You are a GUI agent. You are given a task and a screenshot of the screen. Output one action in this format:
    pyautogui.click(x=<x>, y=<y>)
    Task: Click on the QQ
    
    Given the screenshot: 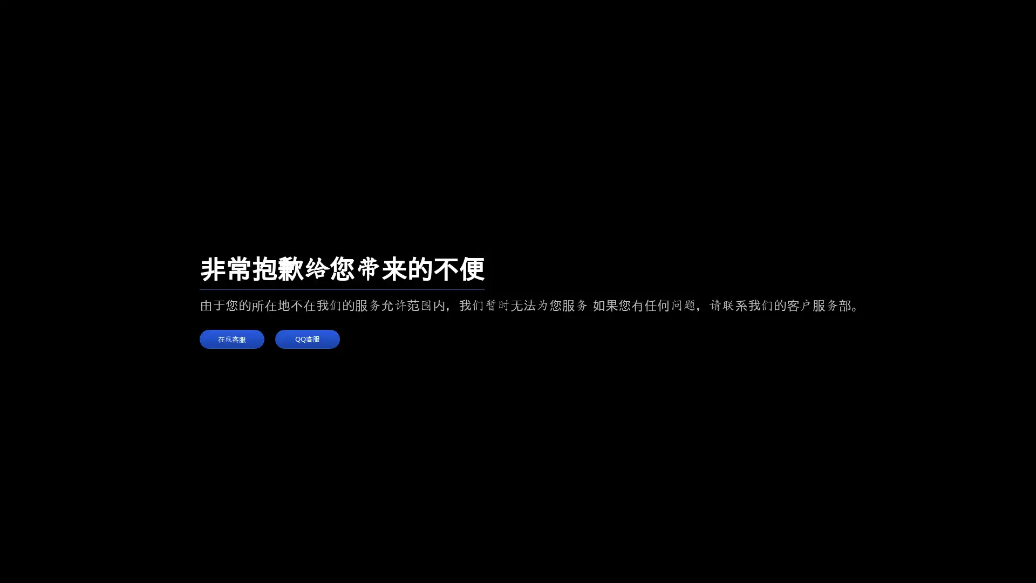 What is the action you would take?
    pyautogui.click(x=307, y=338)
    